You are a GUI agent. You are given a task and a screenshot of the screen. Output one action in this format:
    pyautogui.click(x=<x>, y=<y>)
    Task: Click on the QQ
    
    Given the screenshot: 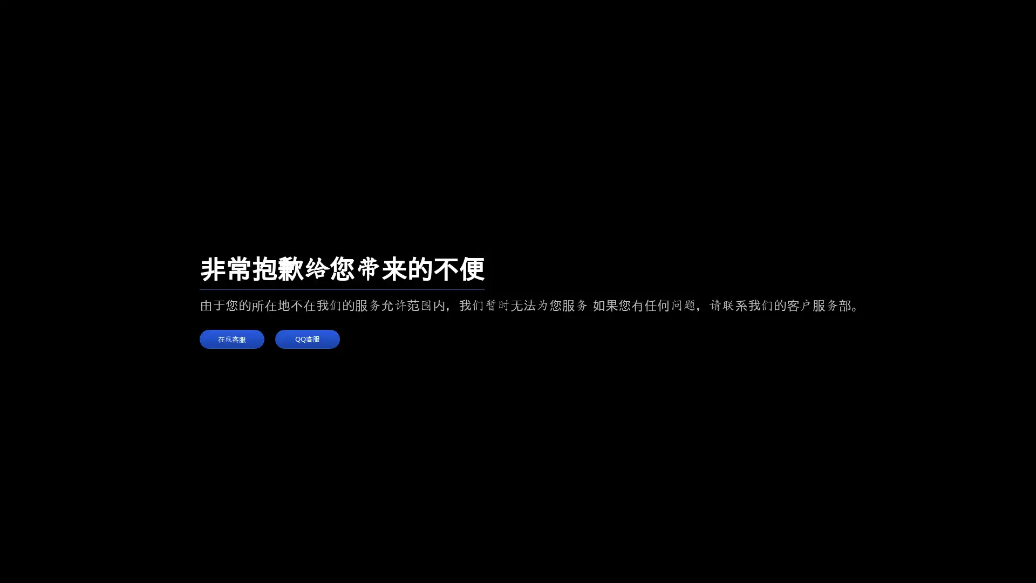 What is the action you would take?
    pyautogui.click(x=307, y=338)
    